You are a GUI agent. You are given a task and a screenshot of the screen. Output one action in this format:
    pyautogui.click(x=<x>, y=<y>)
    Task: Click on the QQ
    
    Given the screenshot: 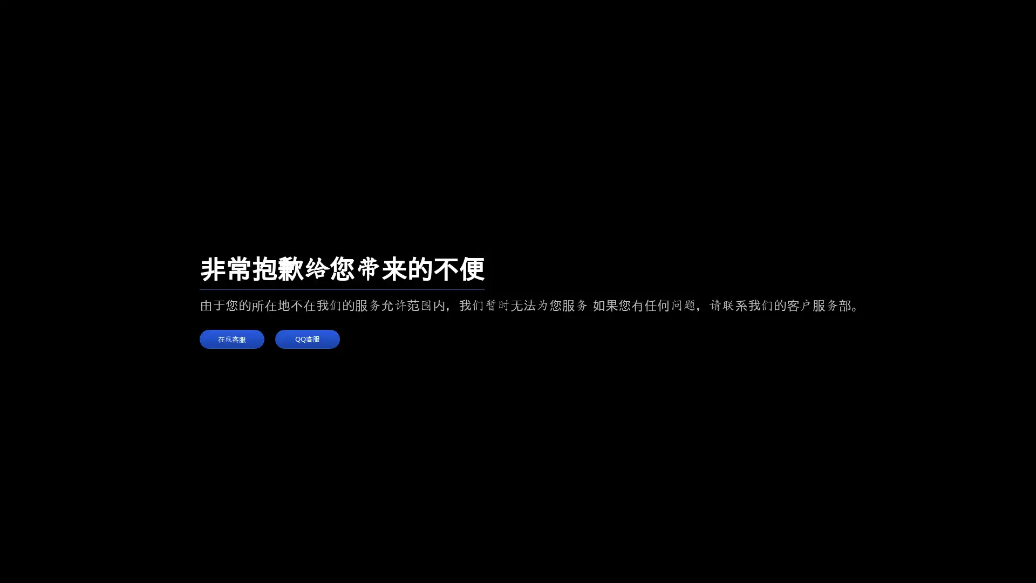 What is the action you would take?
    pyautogui.click(x=307, y=338)
    